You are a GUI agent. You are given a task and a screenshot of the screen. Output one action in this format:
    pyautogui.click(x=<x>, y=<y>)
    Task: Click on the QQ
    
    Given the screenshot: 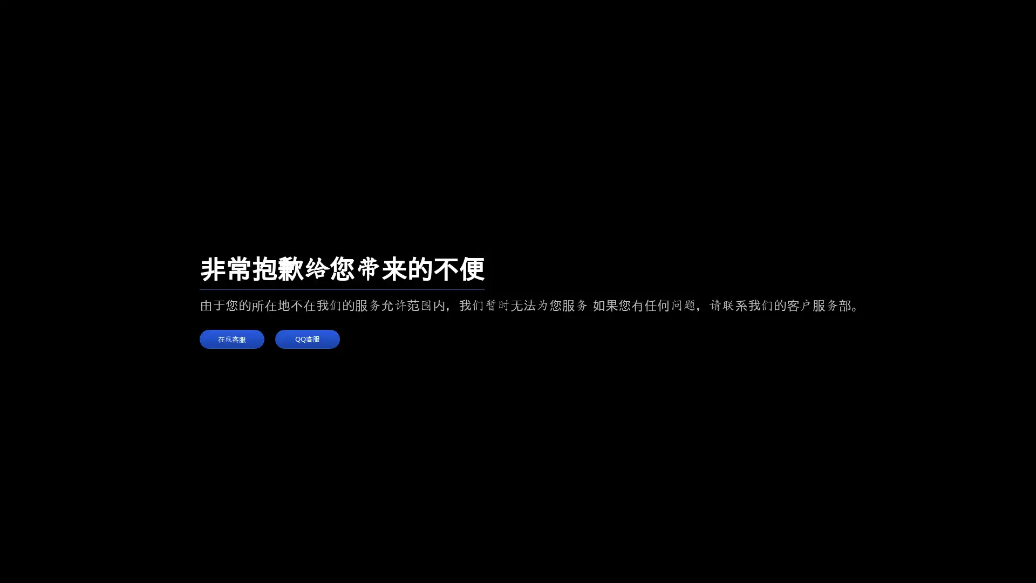 What is the action you would take?
    pyautogui.click(x=307, y=338)
    